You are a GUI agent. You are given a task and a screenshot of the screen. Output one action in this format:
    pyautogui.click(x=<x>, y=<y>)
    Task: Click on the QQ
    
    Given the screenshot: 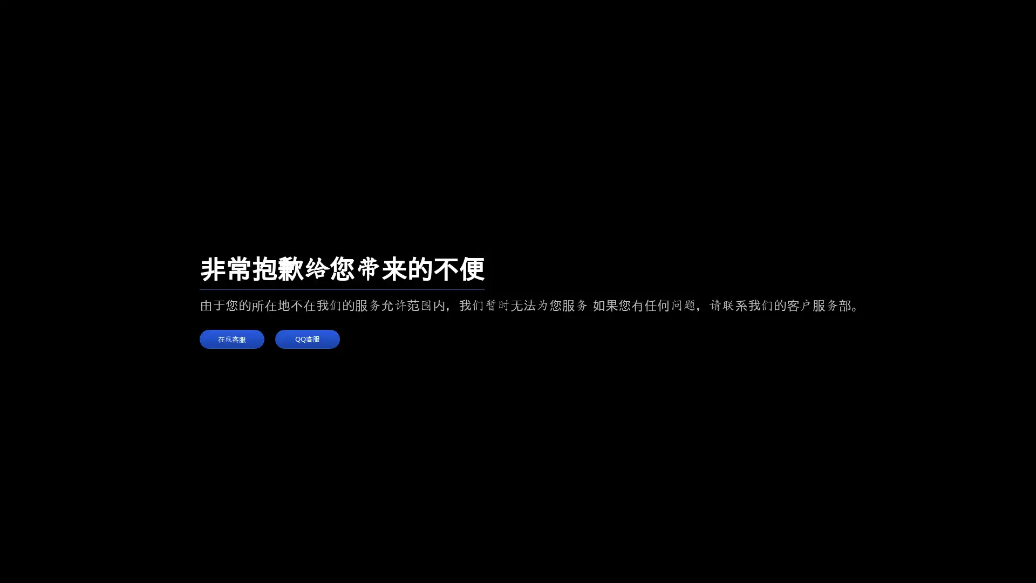 What is the action you would take?
    pyautogui.click(x=307, y=338)
    